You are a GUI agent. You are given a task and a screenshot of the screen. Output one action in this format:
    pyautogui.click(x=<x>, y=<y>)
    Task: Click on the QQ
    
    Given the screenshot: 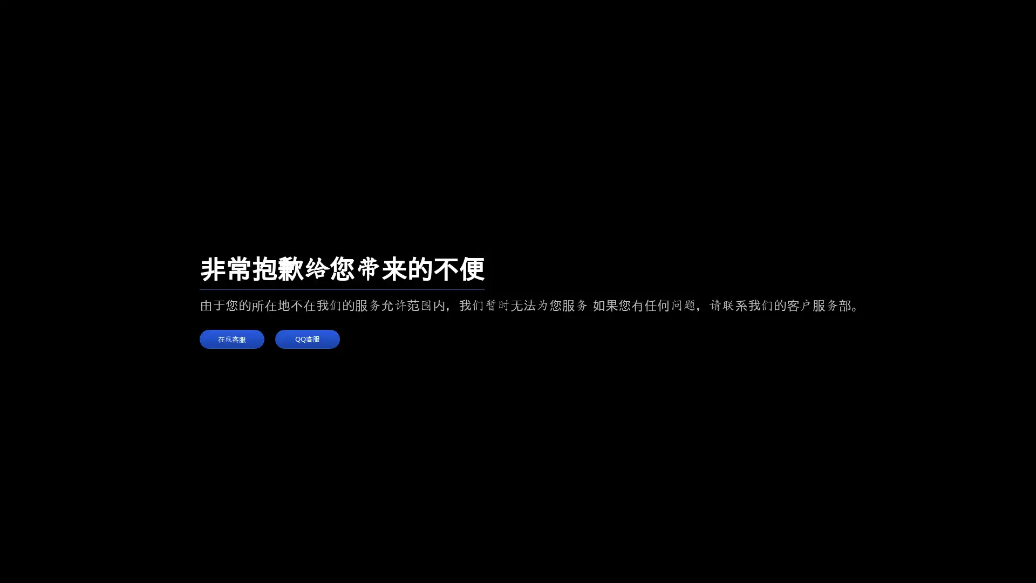 What is the action you would take?
    pyautogui.click(x=307, y=338)
    